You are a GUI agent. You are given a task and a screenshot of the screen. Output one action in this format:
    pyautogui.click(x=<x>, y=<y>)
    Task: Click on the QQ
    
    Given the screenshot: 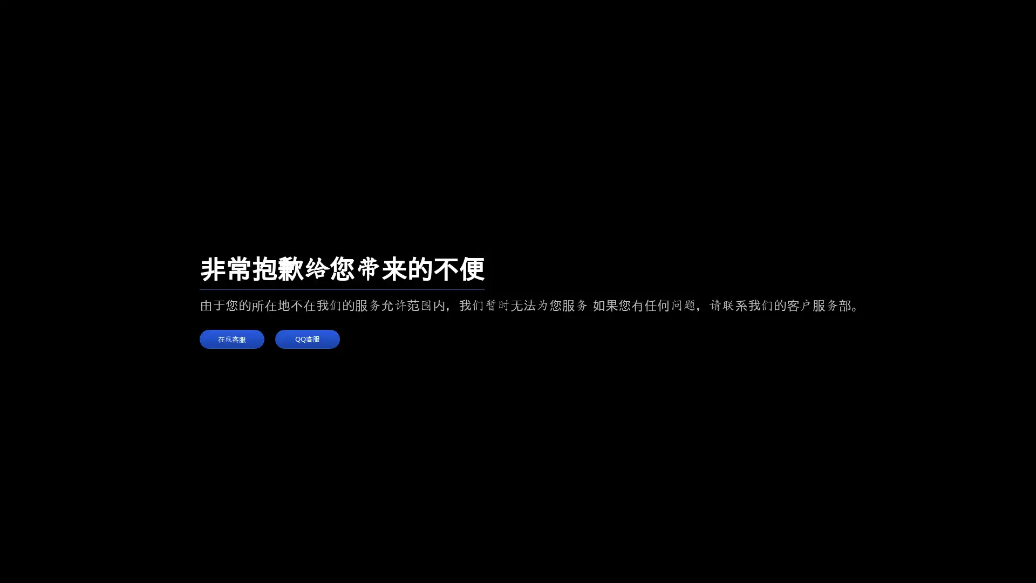 What is the action you would take?
    pyautogui.click(x=307, y=338)
    